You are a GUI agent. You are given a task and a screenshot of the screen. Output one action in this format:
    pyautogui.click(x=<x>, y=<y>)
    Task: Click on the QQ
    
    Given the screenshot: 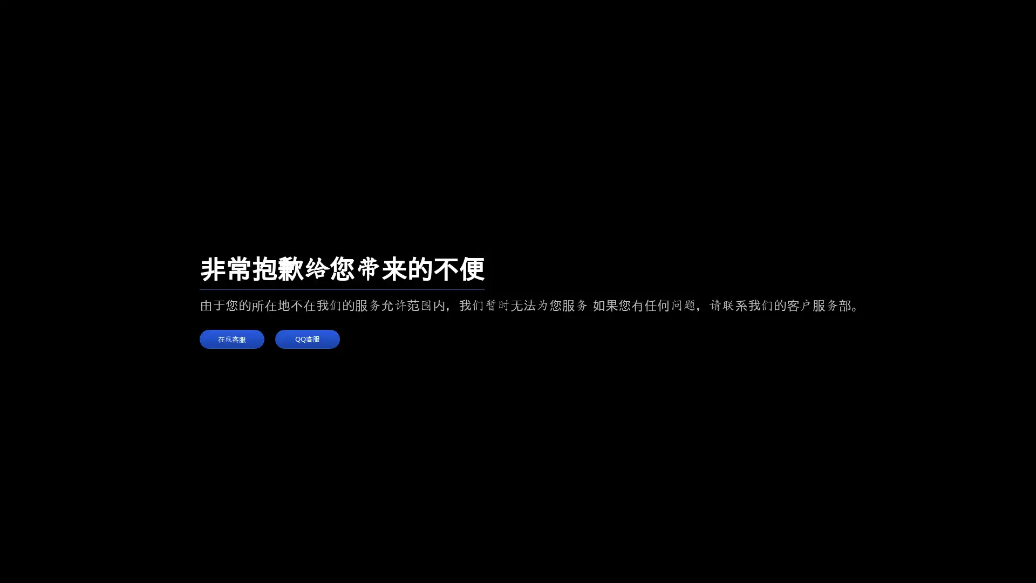 What is the action you would take?
    pyautogui.click(x=307, y=338)
    